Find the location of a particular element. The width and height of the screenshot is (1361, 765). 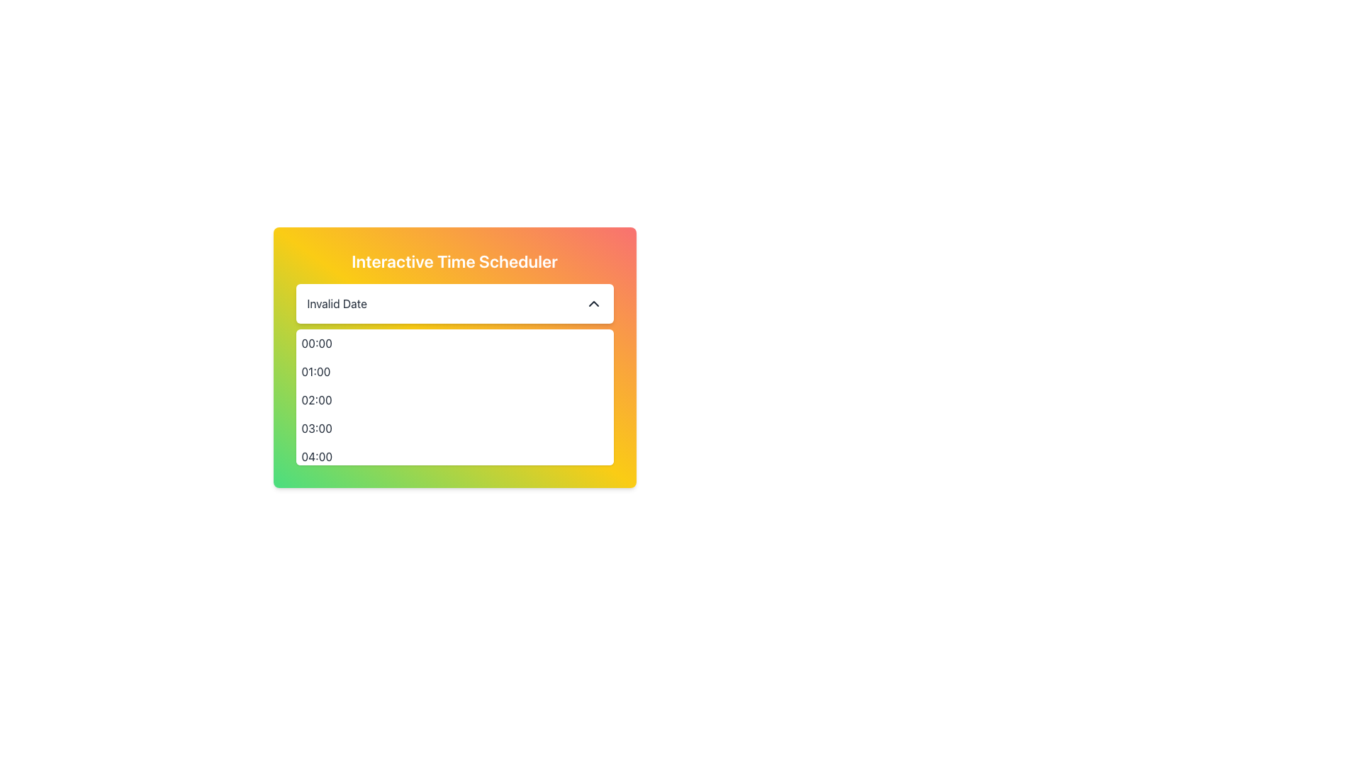

the list item displaying '02:00' is located at coordinates (454, 399).